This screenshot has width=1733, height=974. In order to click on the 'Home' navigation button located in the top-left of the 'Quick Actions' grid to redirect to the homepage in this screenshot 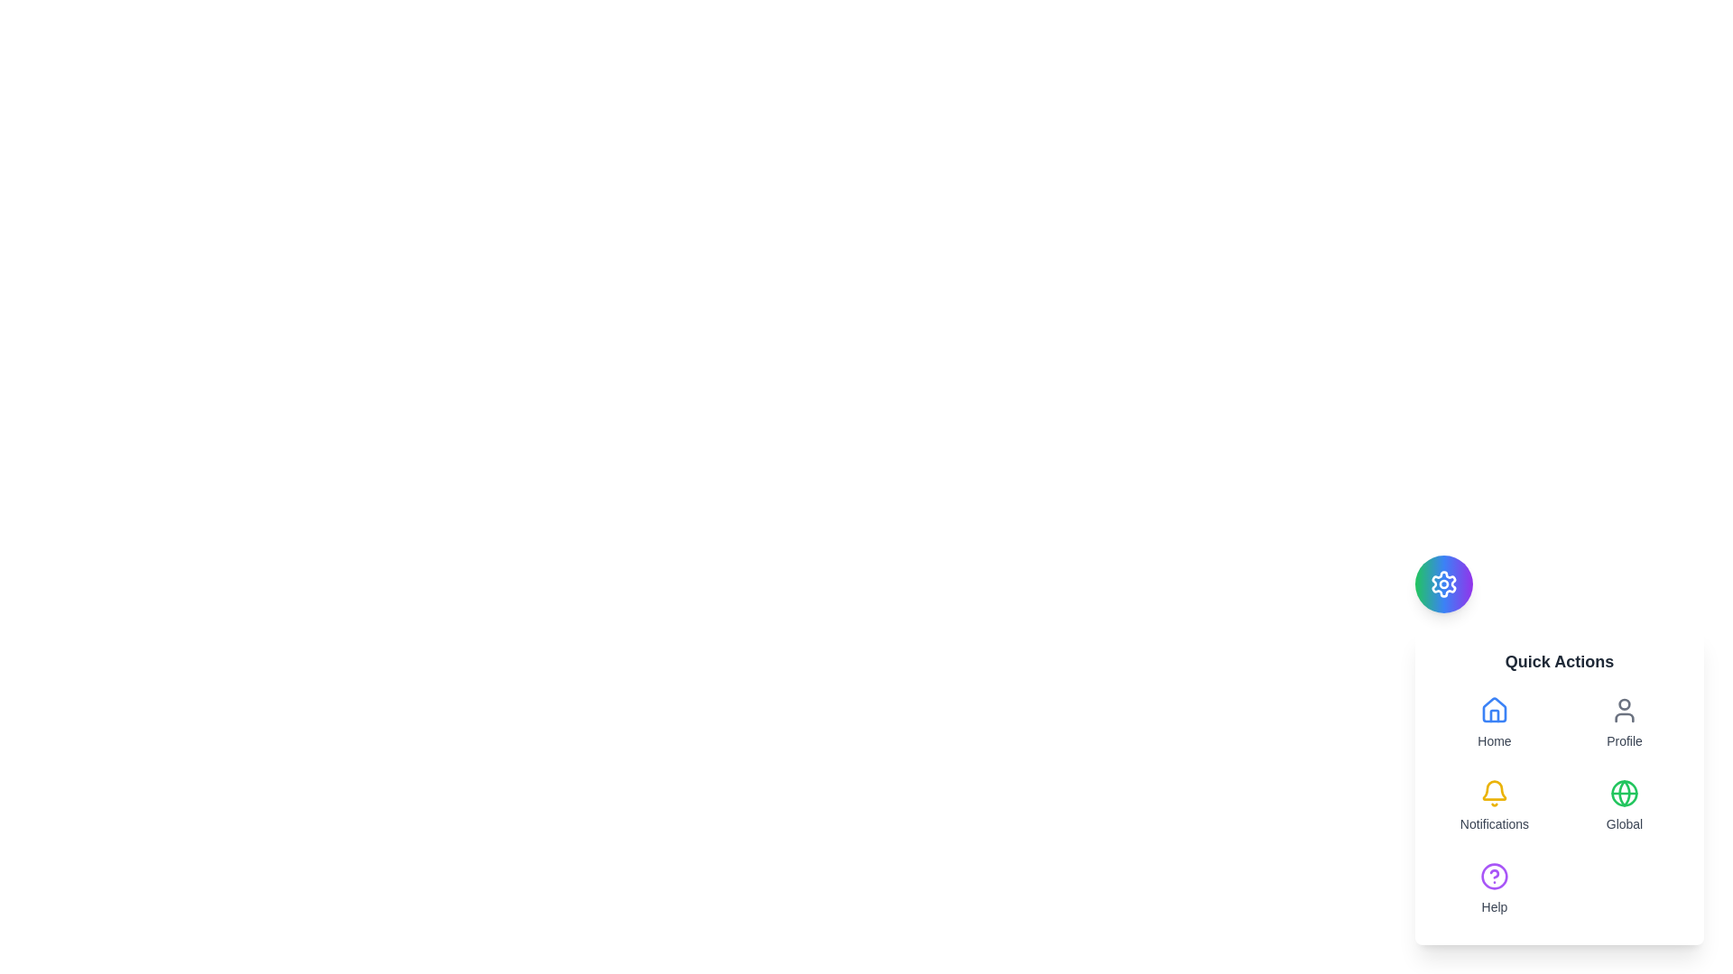, I will do `click(1495, 722)`.